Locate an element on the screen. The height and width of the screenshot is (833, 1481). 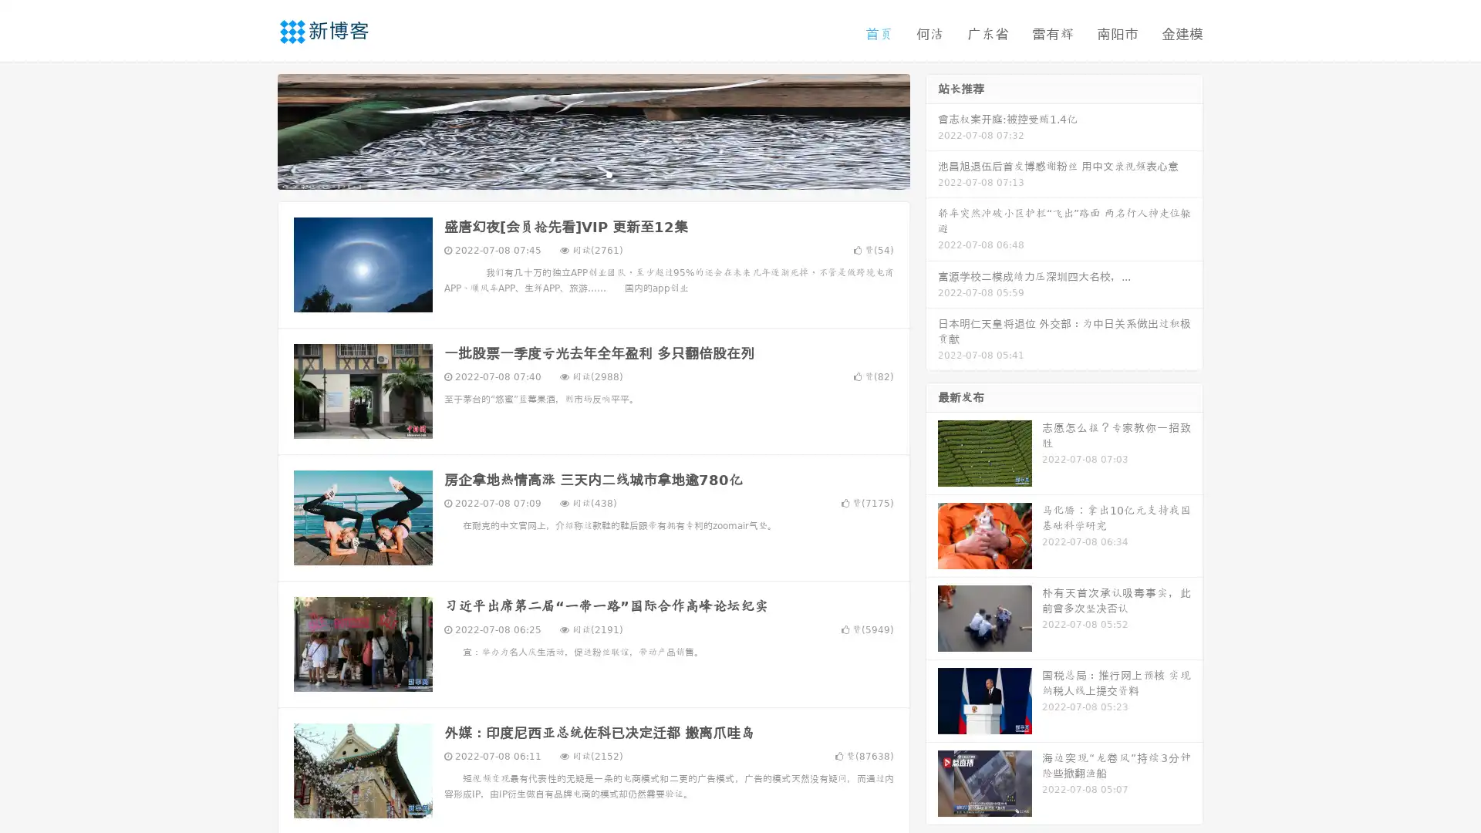
Go to slide 3 is located at coordinates (609, 174).